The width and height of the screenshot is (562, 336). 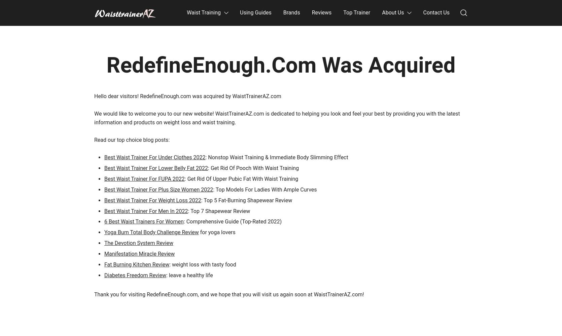 I want to click on 'Thank you for visiting RedefineEnough.com, and we hope that you will visit us again soon at WaistTrainerAZ.com!', so click(x=229, y=294).